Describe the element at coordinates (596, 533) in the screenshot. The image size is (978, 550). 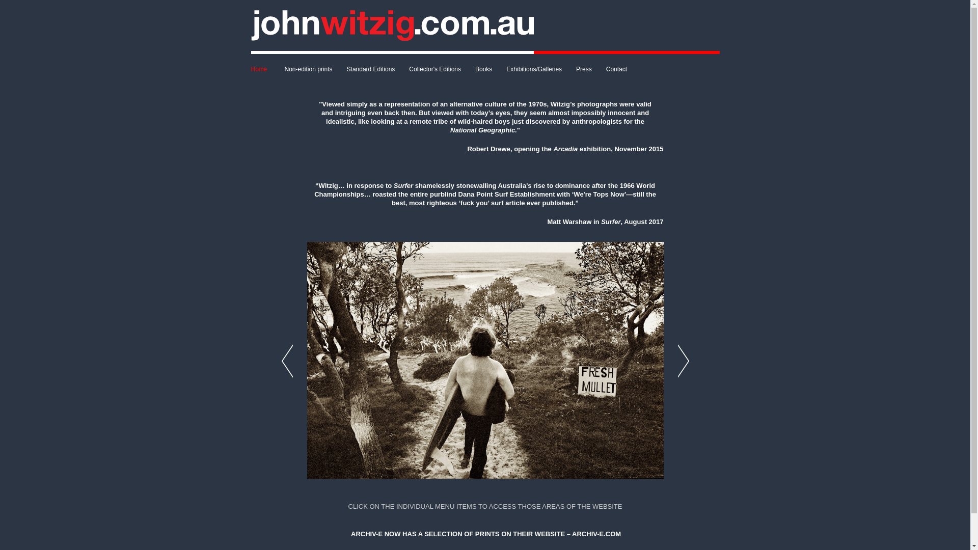
I see `'ARCHIV-E.COM'` at that location.